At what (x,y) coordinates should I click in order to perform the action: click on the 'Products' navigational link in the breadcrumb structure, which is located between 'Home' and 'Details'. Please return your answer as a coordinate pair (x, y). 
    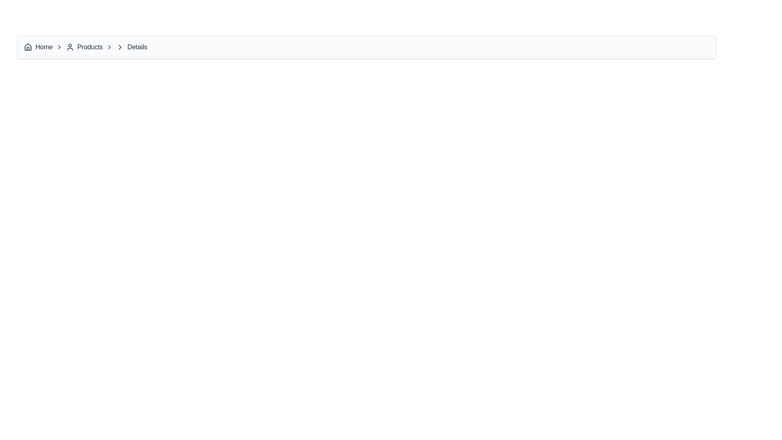
    Looking at the image, I should click on (89, 47).